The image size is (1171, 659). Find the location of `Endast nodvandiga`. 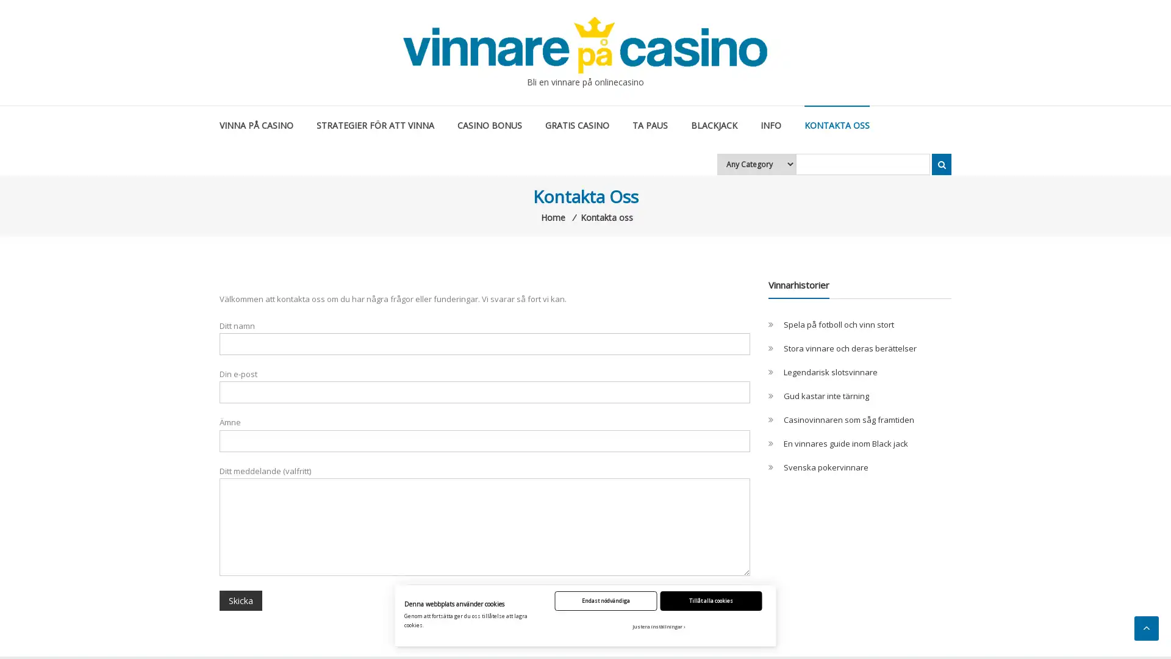

Endast nodvandiga is located at coordinates (606, 600).